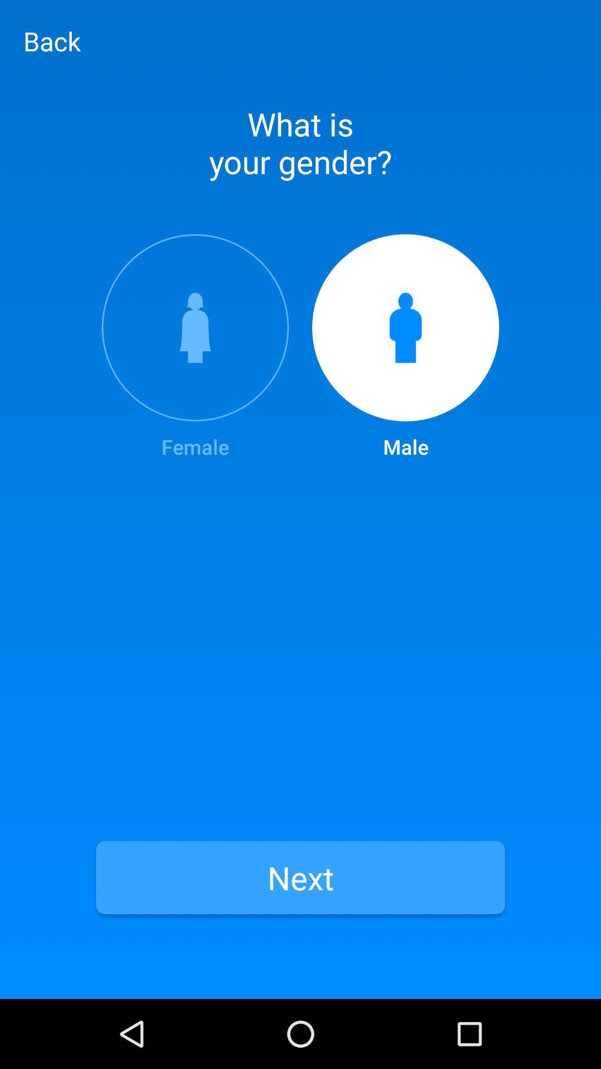  What do you see at coordinates (406, 347) in the screenshot?
I see `the male` at bounding box center [406, 347].